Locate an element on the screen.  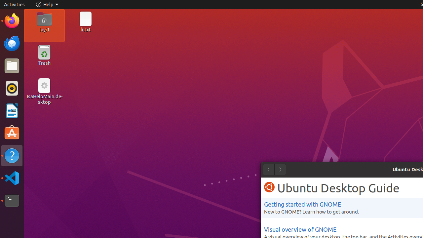
'li.txt' is located at coordinates (85, 29).